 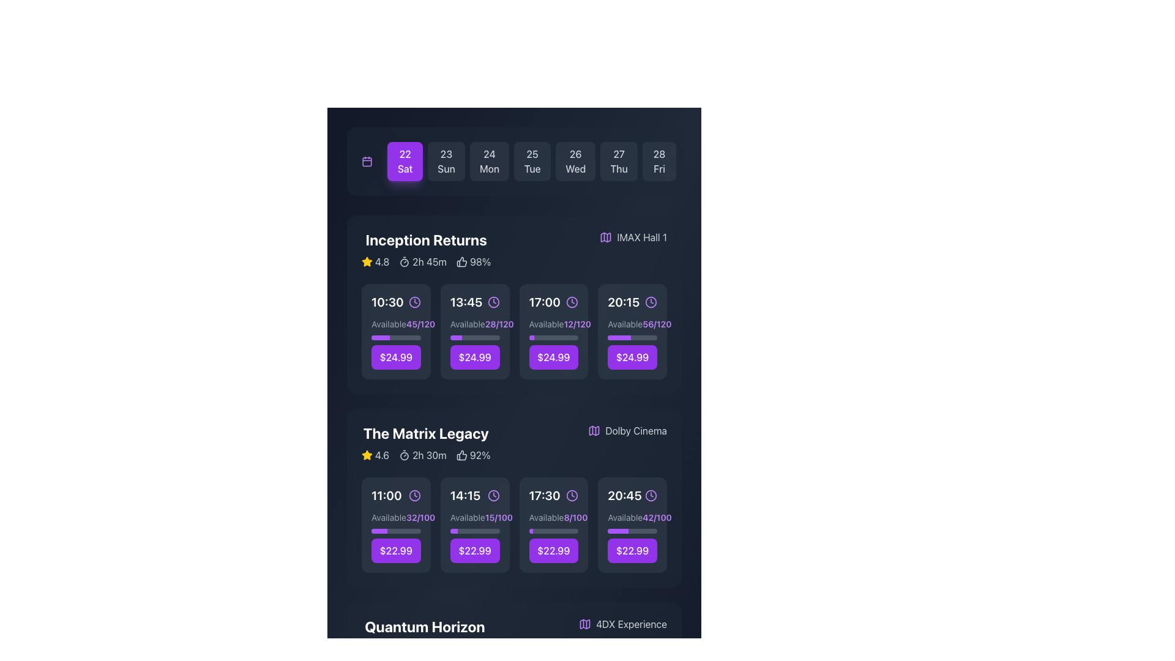 What do you see at coordinates (545, 323) in the screenshot?
I see `availability status text label located in the 17:00 time slot of the 'Inception Returns' section, positioned to the left of the '12/120' text and above the progress indicator bar` at bounding box center [545, 323].